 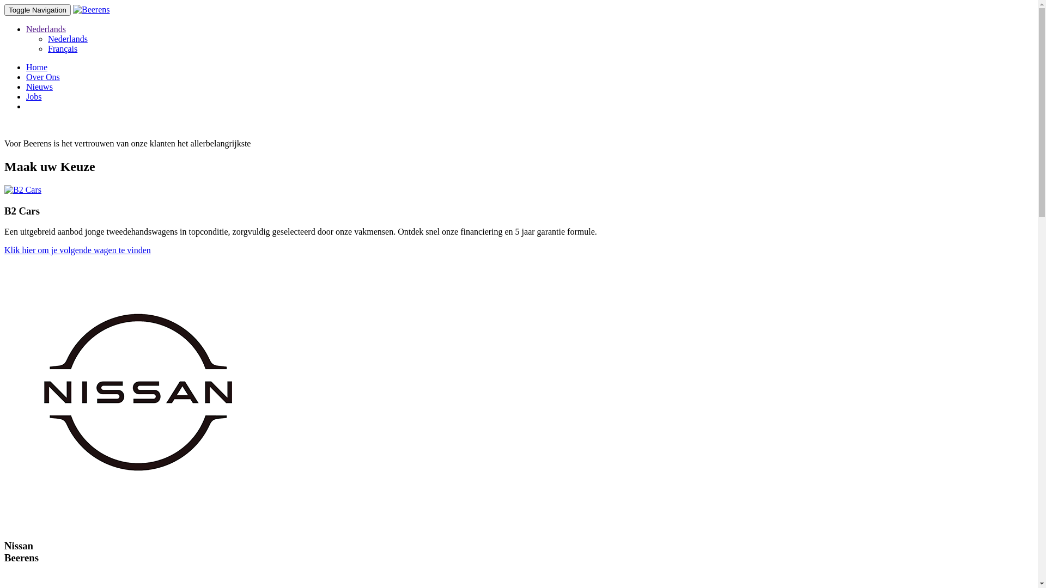 I want to click on 'Klik hier om je volgende wagen te vinden', so click(x=77, y=250).